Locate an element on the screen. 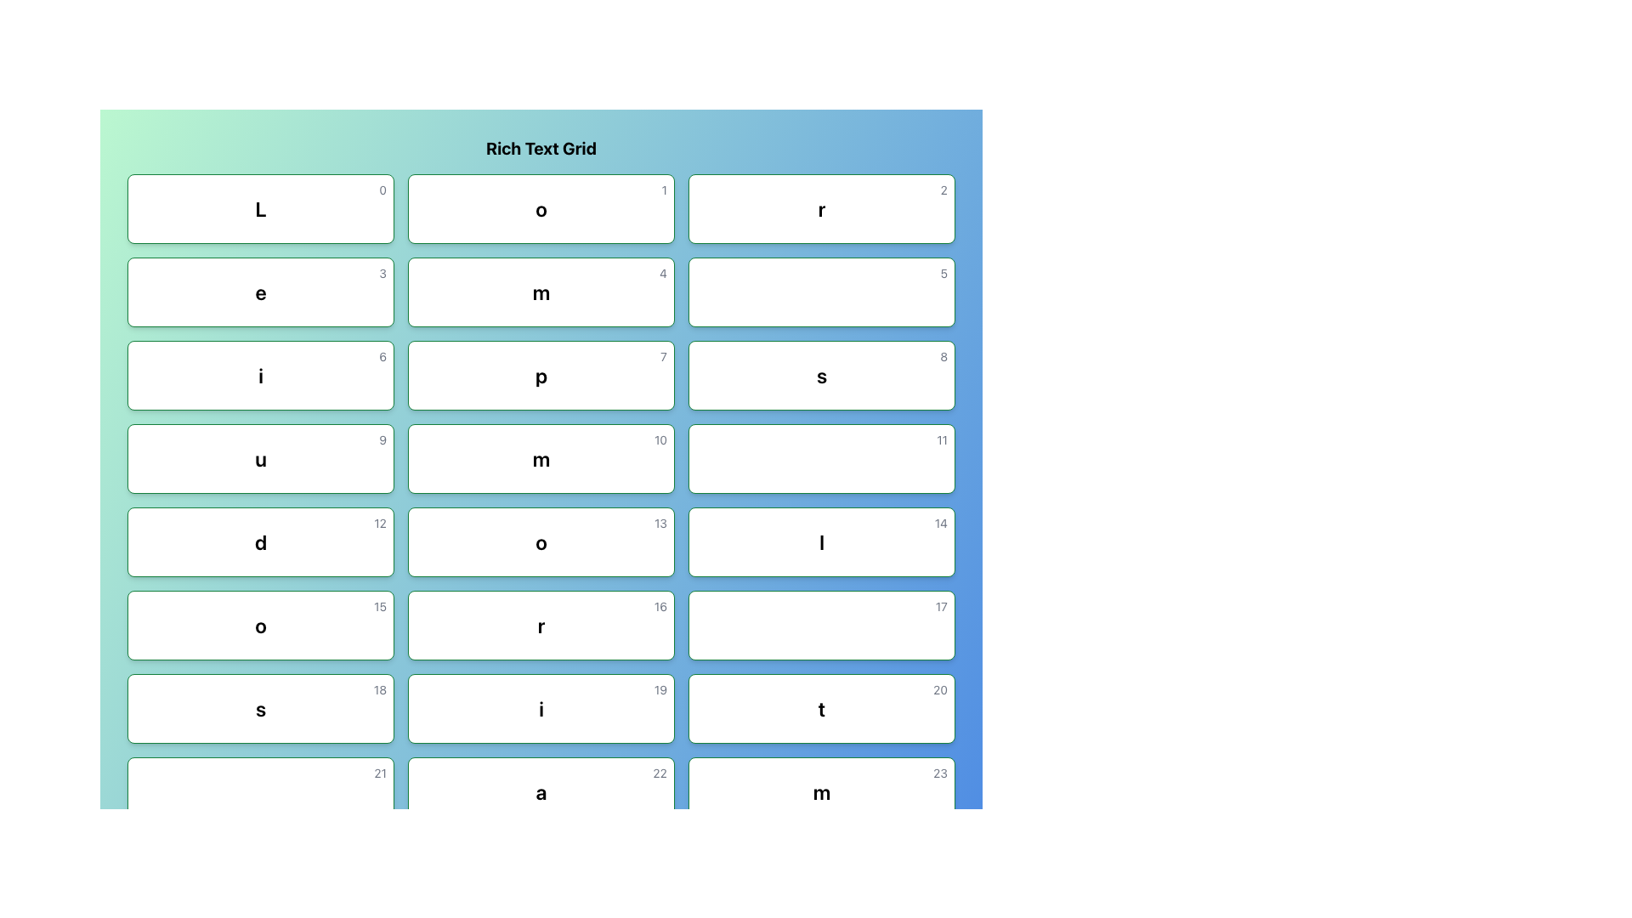  the character 'm' in the last cell of the grid, which is styled in a large, bold font and located in row six, column four is located at coordinates (821, 792).